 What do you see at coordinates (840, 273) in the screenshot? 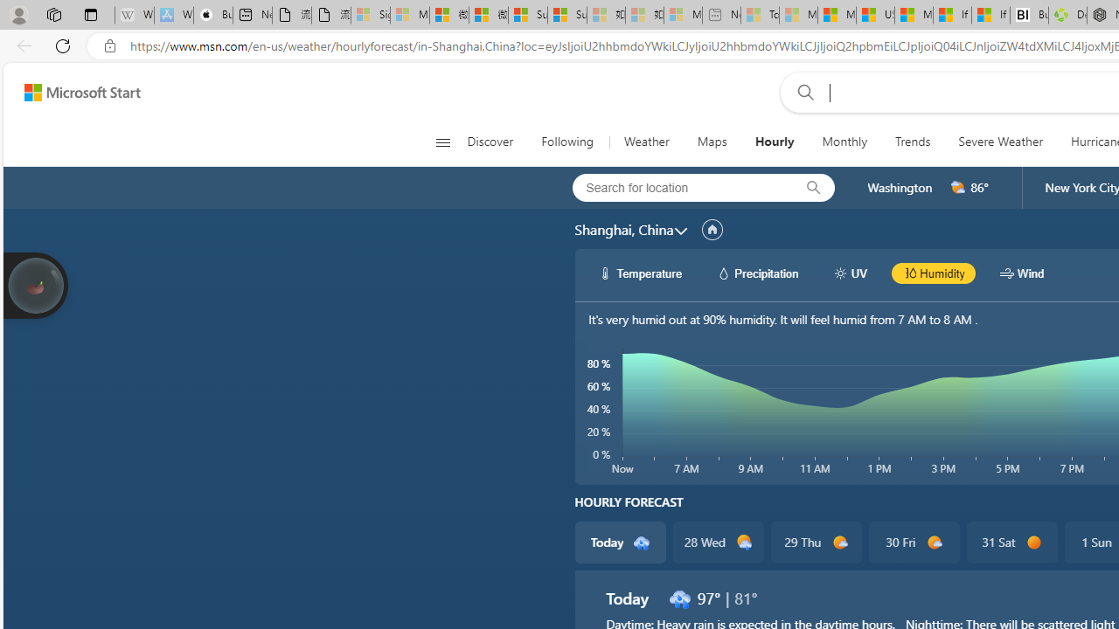
I see `'hourlyChart/uvWhite'` at bounding box center [840, 273].